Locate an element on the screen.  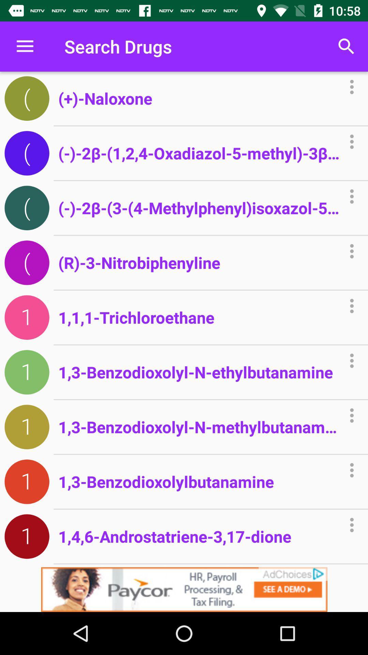
the seventh icon below the menu bar is located at coordinates (27, 427).